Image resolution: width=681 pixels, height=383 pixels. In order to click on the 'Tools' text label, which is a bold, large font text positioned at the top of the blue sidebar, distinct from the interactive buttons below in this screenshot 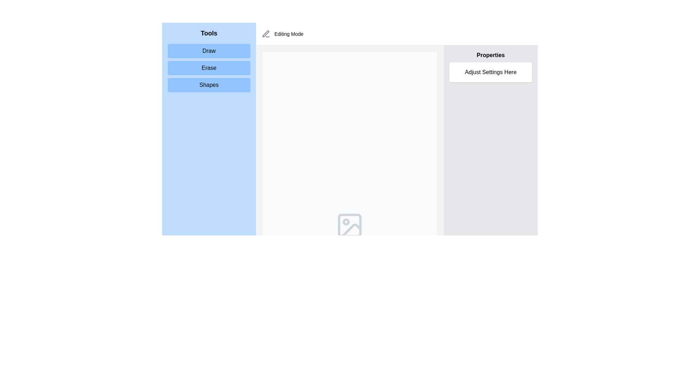, I will do `click(209, 33)`.